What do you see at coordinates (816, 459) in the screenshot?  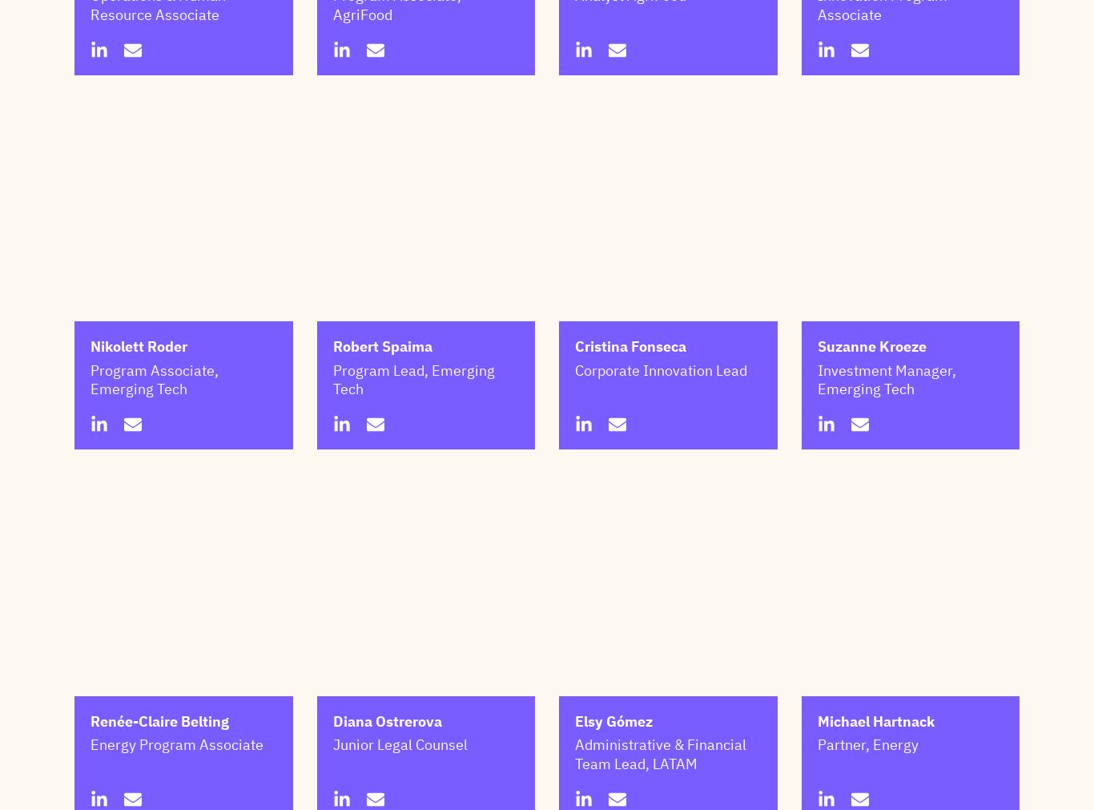 I see `'Investment Manager, Emerging Tech'` at bounding box center [816, 459].